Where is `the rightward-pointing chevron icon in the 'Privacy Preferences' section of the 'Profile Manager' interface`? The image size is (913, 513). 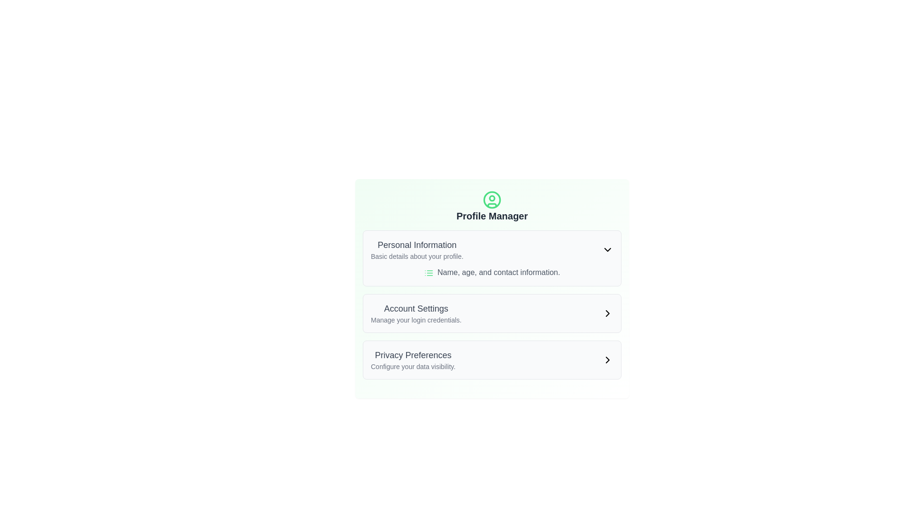 the rightward-pointing chevron icon in the 'Privacy Preferences' section of the 'Profile Manager' interface is located at coordinates (607, 360).